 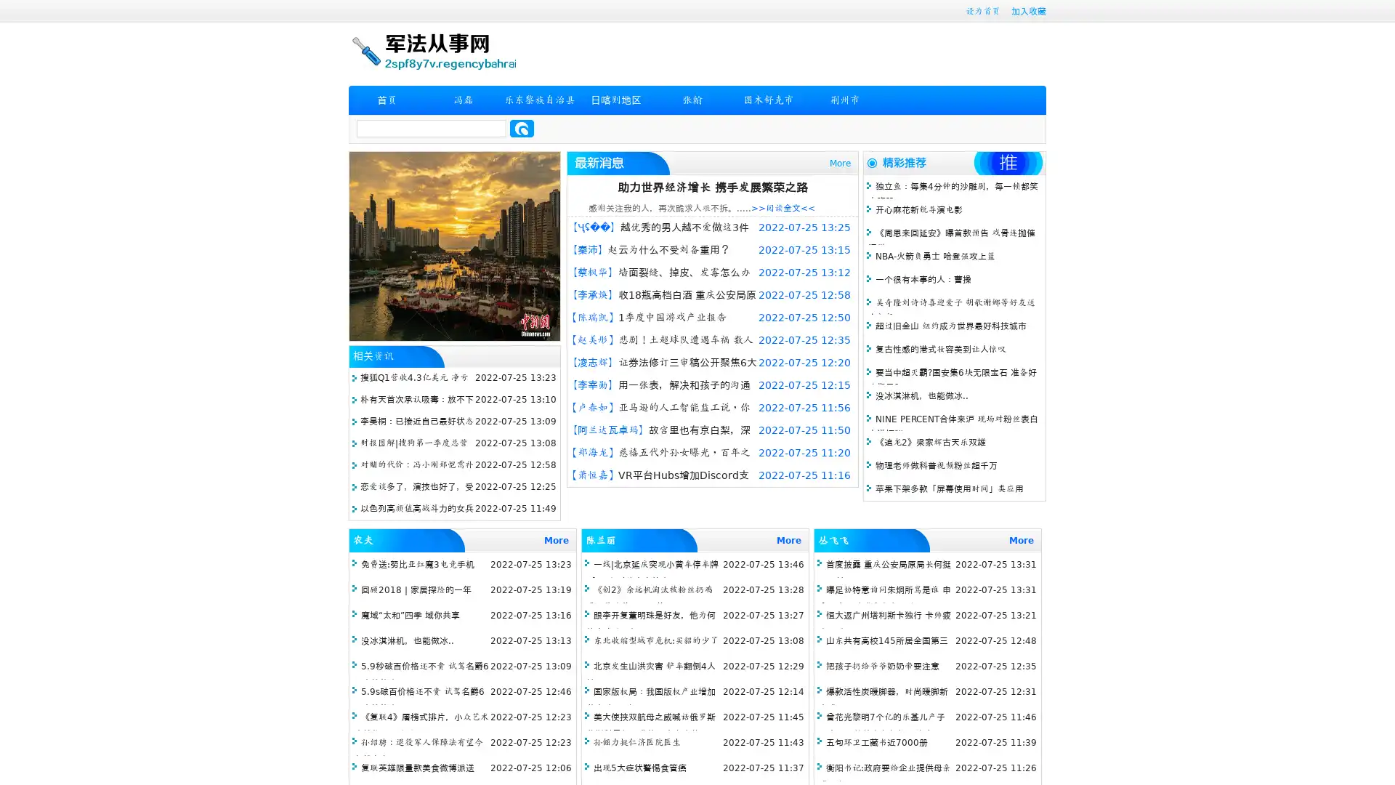 What do you see at coordinates (522, 128) in the screenshot?
I see `Search` at bounding box center [522, 128].